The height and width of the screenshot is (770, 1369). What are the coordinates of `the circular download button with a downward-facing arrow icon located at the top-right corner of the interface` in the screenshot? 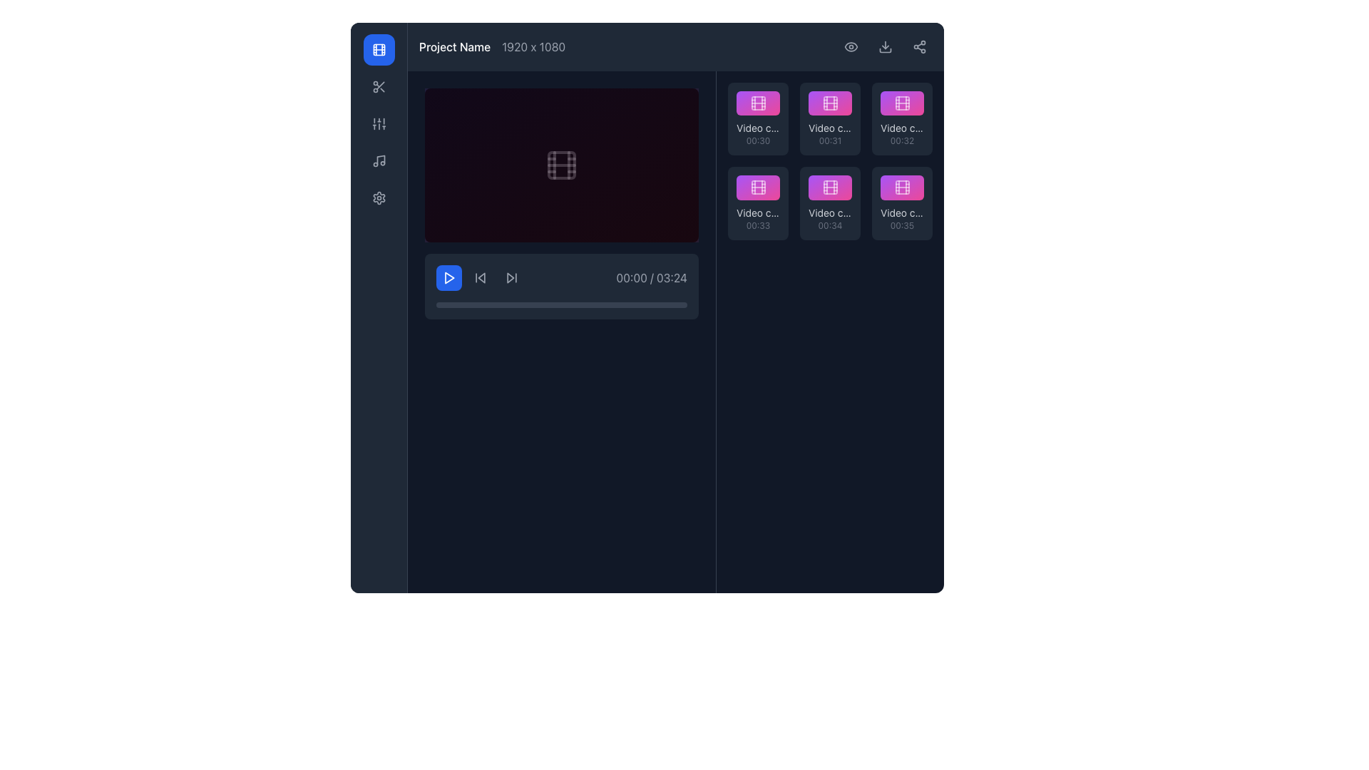 It's located at (885, 46).